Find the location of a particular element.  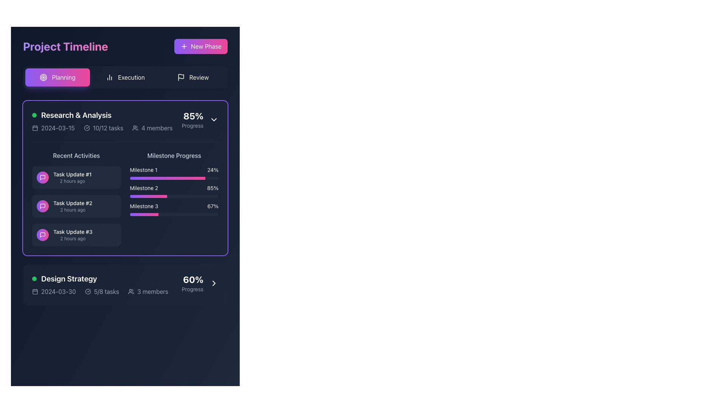

the colored progress bar segment representing 'Milestone 3' in the 'Milestone Progress' section of the 'Research & Analysis' card, which transitions from violet to pink is located at coordinates (144, 214).